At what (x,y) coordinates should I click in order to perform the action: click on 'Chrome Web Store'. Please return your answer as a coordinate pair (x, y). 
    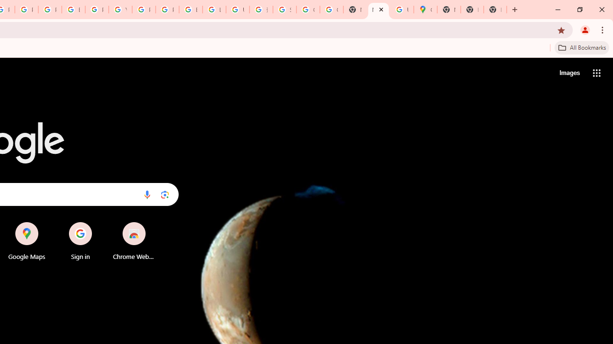
    Looking at the image, I should click on (133, 241).